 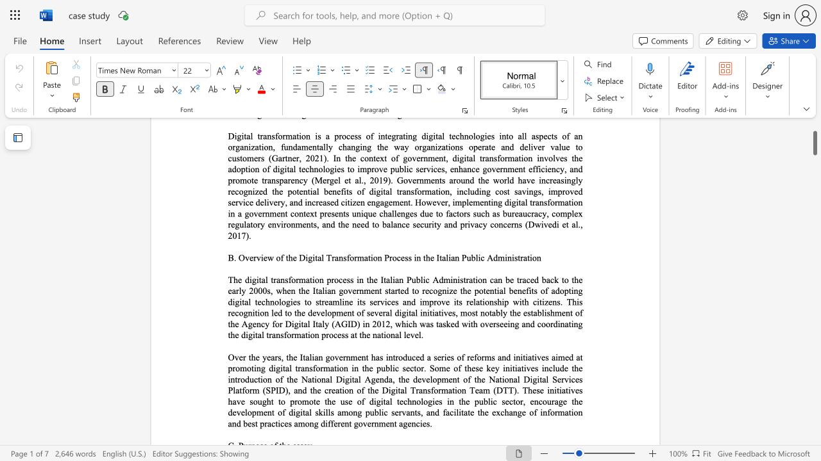 I want to click on the scrollbar and move up 210 pixels, so click(x=814, y=138).